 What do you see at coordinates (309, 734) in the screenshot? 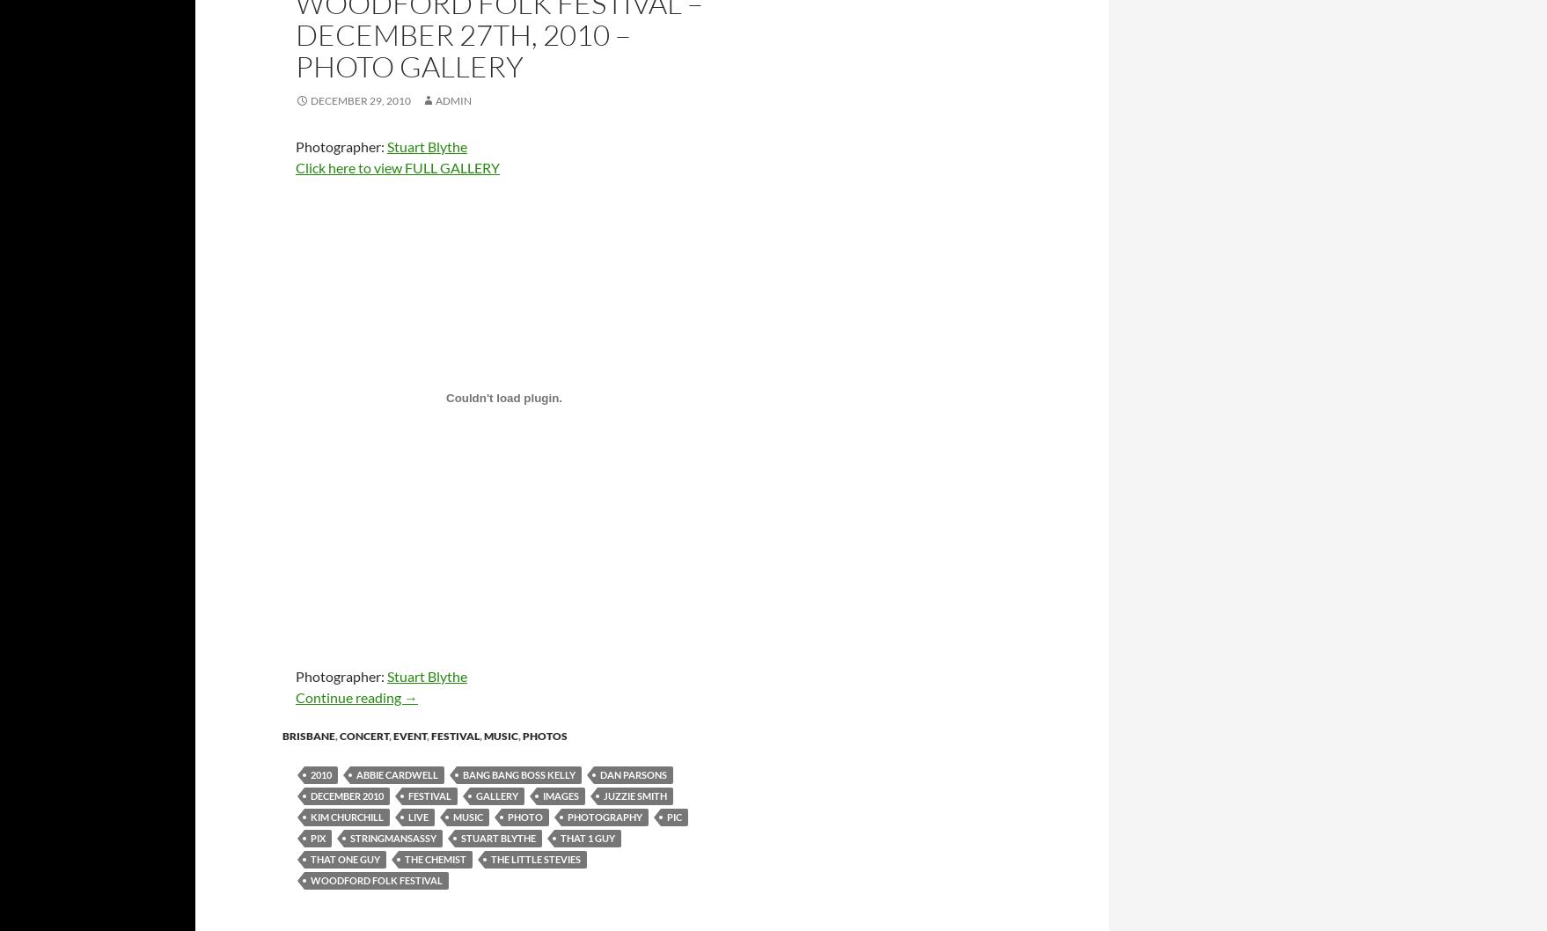
I see `'Brisbane'` at bounding box center [309, 734].